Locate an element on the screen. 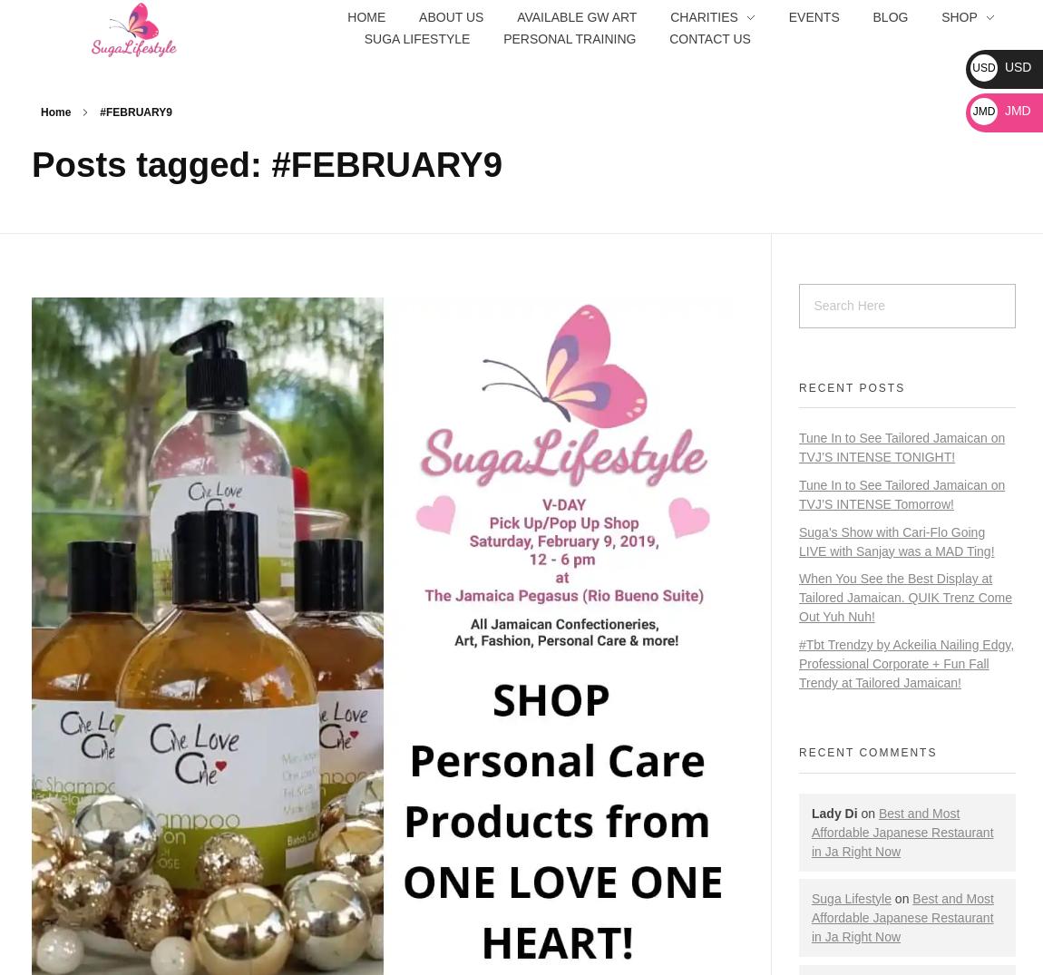 This screenshot has width=1043, height=975. '#Tbt Trendzy by Ackeilia Nailing Edgy, Professional Corporate + Fun Fall Trendy at Tailored Jamaican!' is located at coordinates (906, 662).